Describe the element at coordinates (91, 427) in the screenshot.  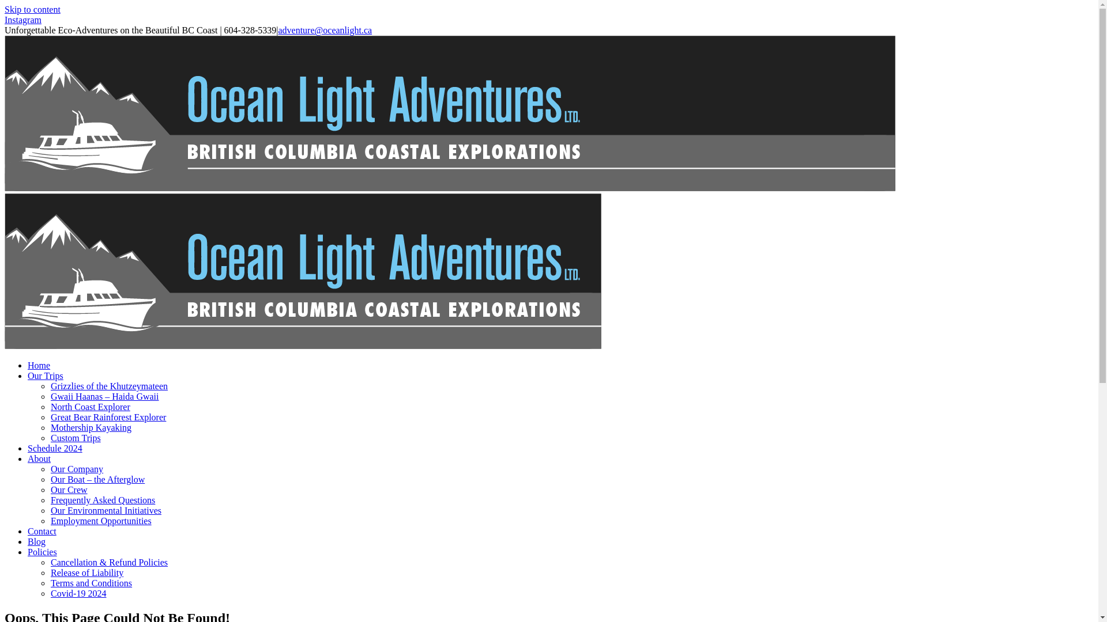
I see `'Mothership Kayaking'` at that location.